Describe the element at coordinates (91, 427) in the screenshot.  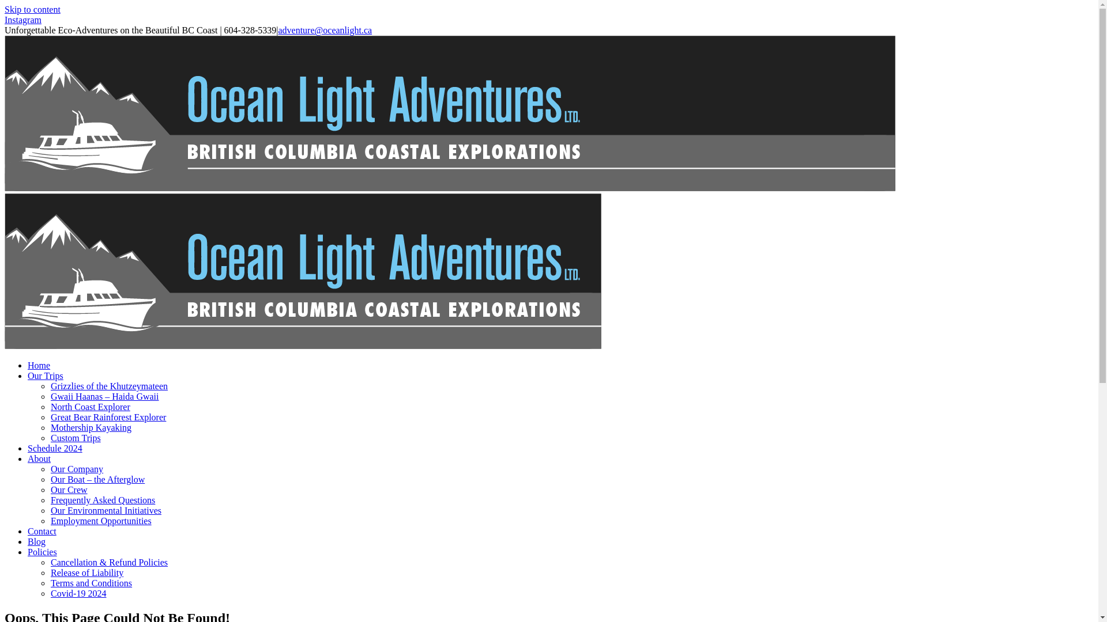
I see `'Mothership Kayaking'` at that location.